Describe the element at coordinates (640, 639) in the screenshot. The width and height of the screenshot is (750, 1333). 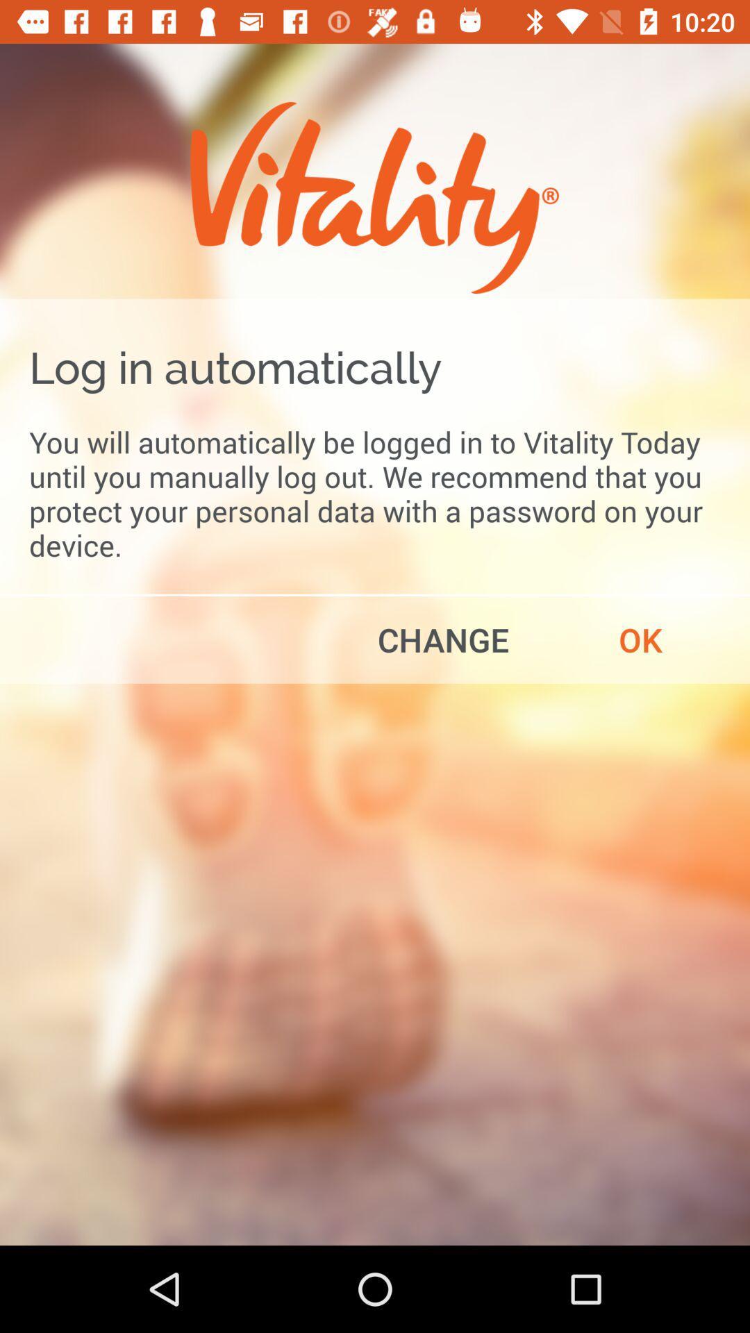
I see `the ok item` at that location.